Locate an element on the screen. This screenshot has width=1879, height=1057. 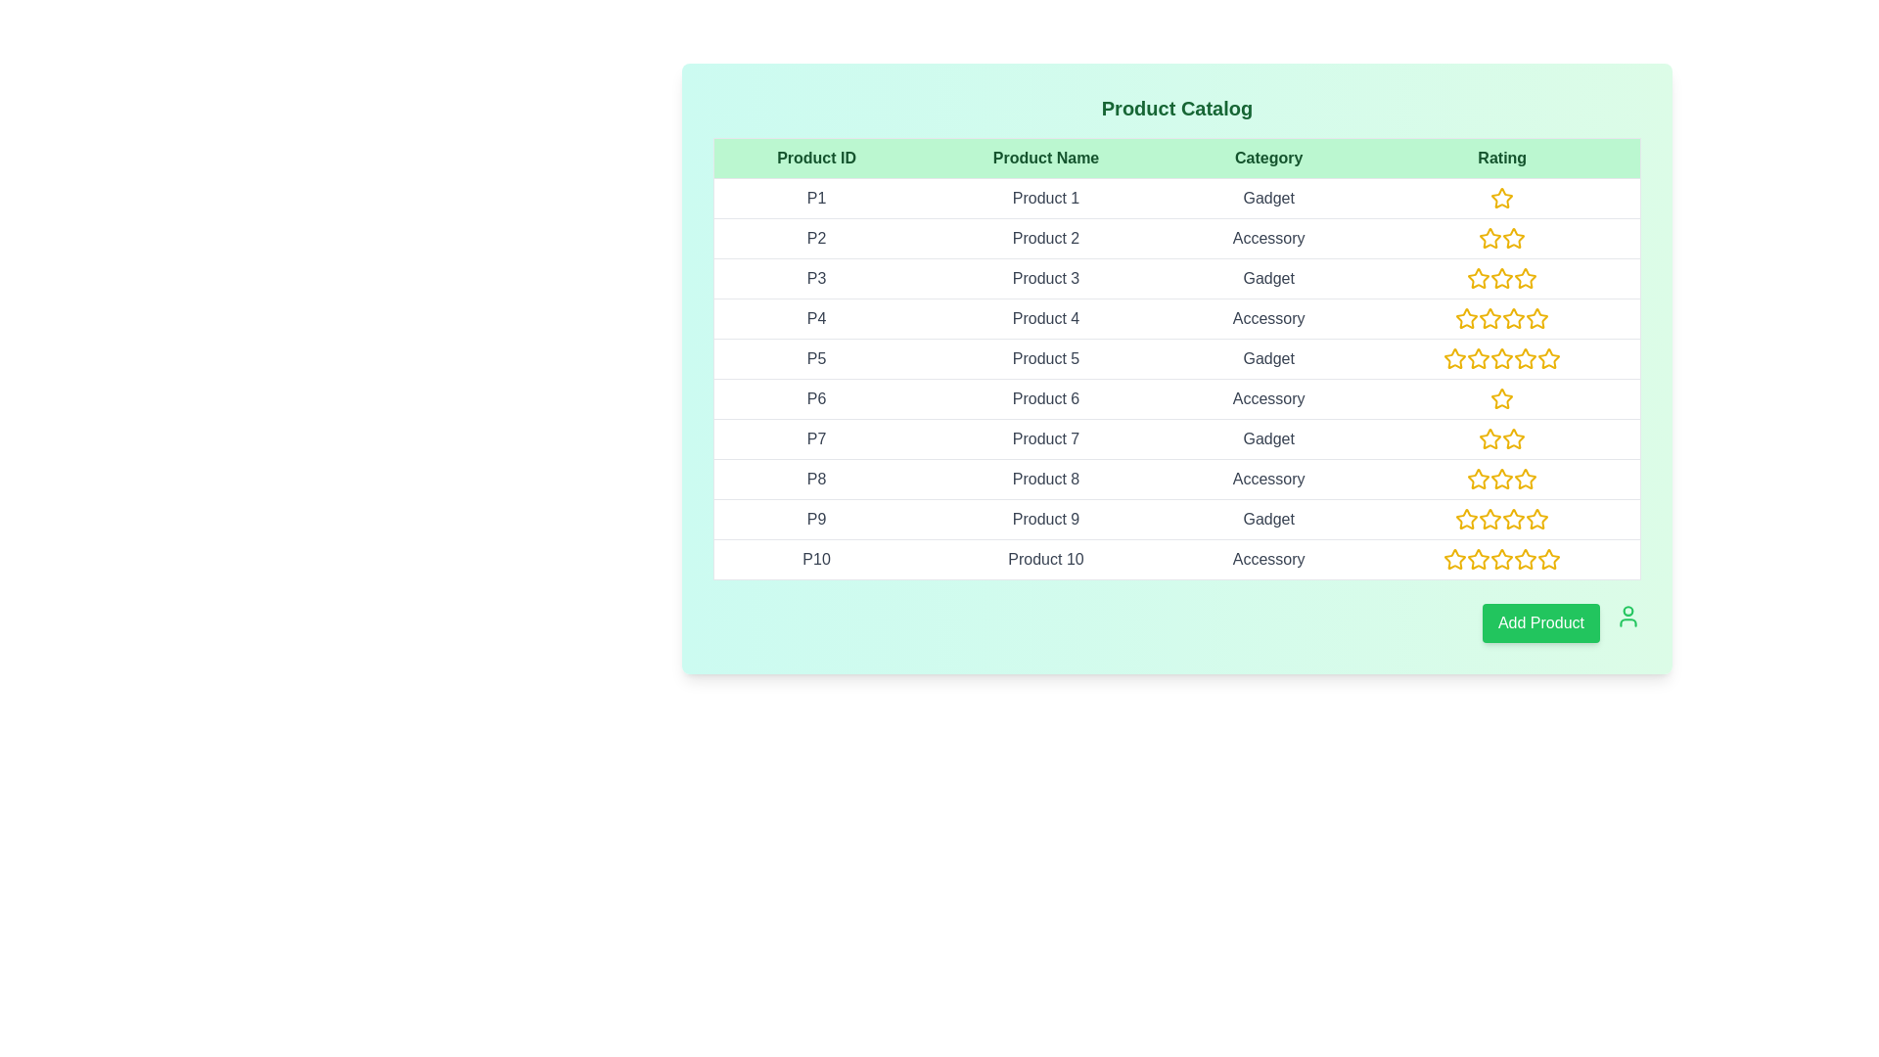
the table header Product ID to sort the table by that column is located at coordinates (816, 158).